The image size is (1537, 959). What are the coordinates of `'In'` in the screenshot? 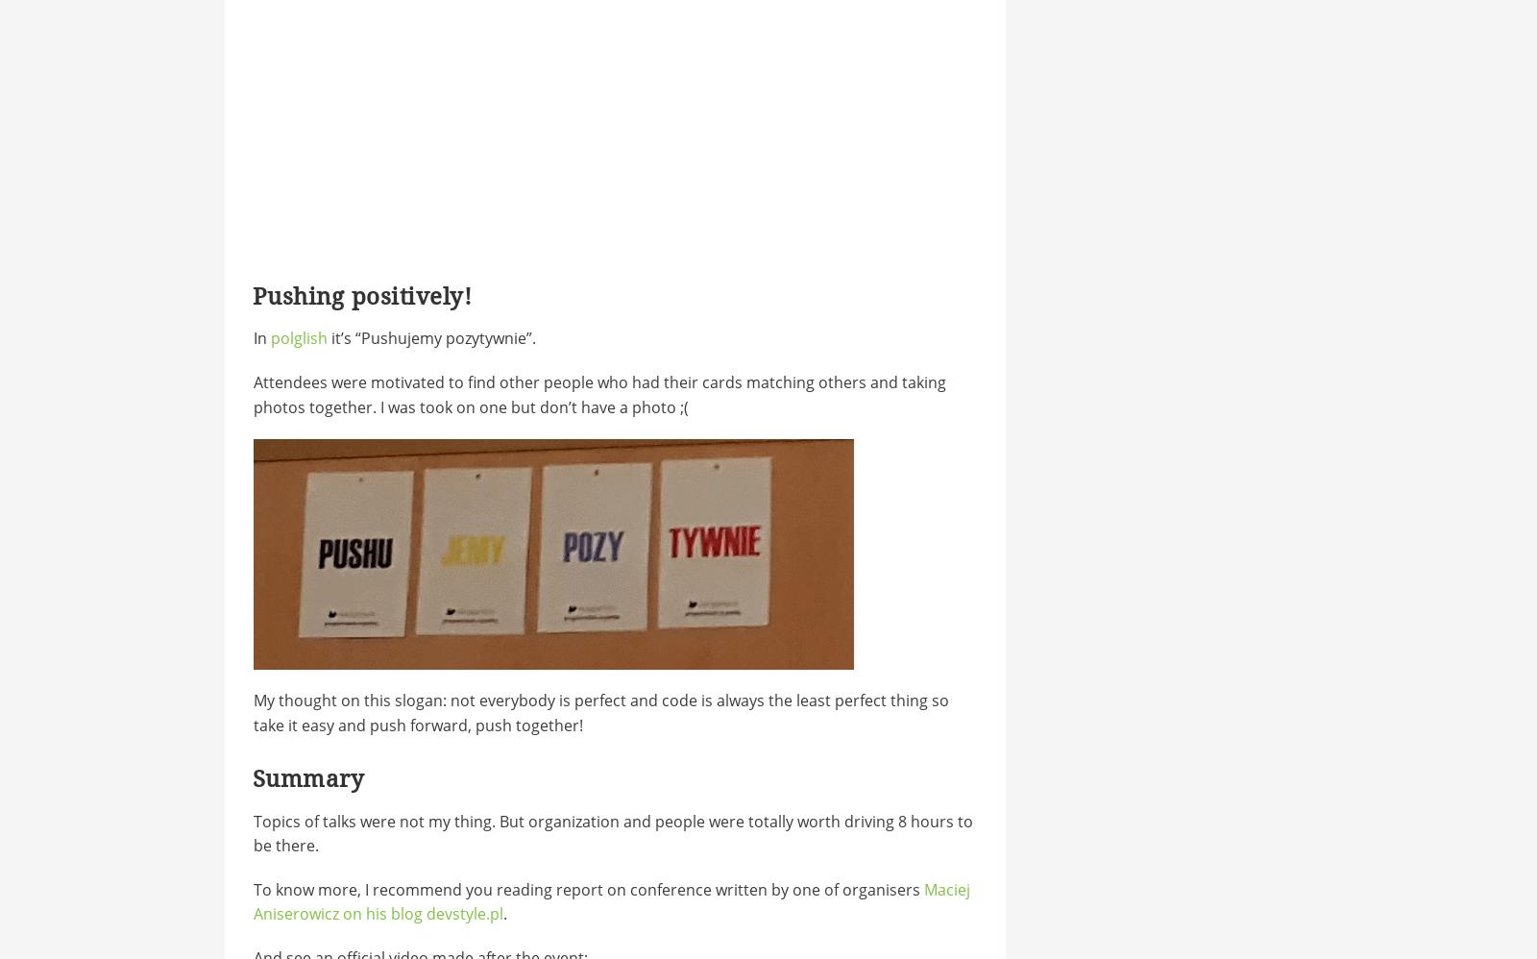 It's located at (261, 336).